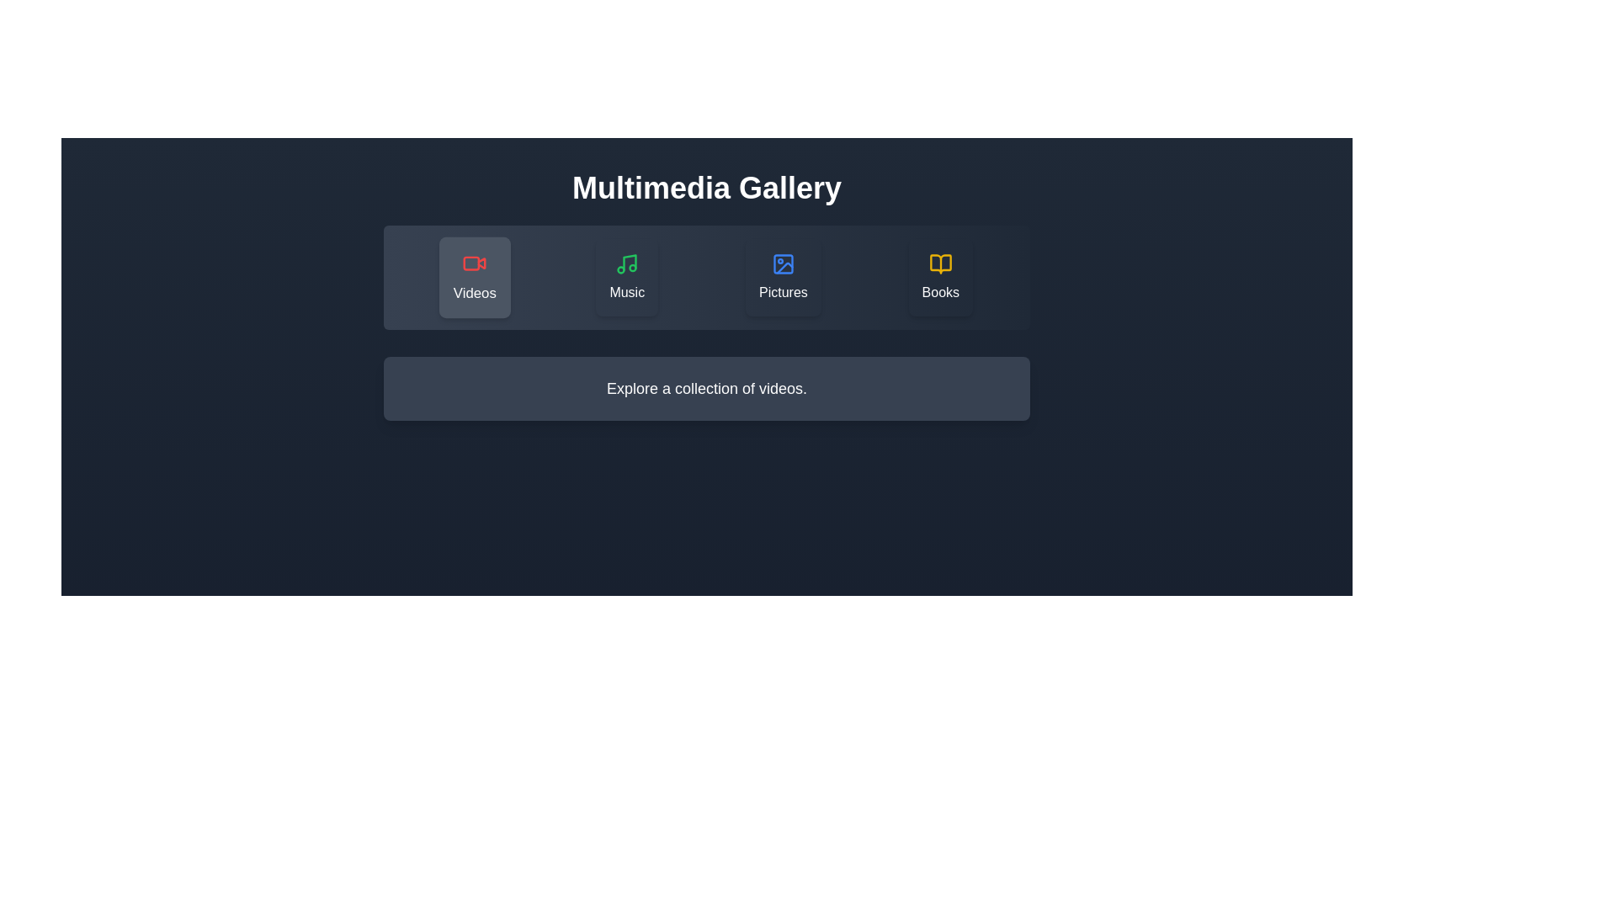  What do you see at coordinates (782, 277) in the screenshot?
I see `the Pictures category by clicking the corresponding button` at bounding box center [782, 277].